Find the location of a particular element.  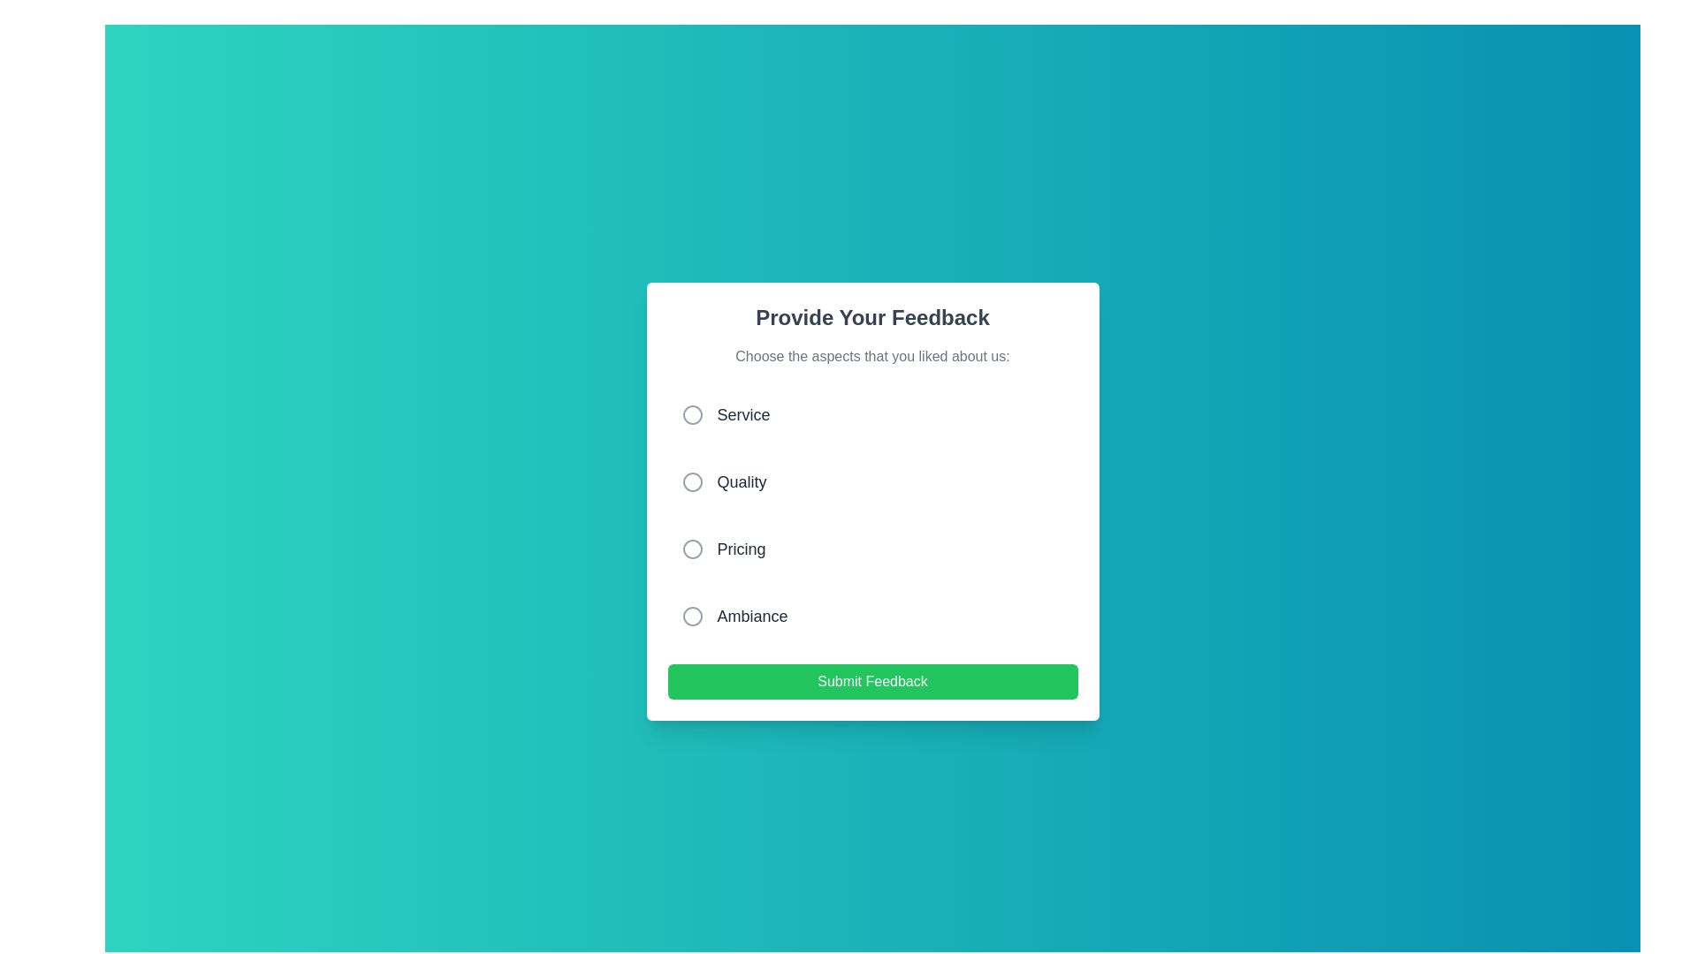

the aspect row corresponding to Service is located at coordinates (872, 415).